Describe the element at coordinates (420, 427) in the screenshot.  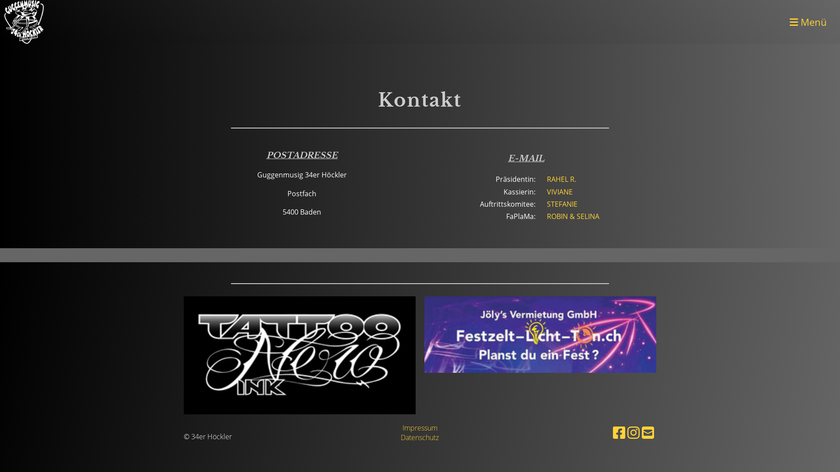
I see `'Impressum'` at that location.